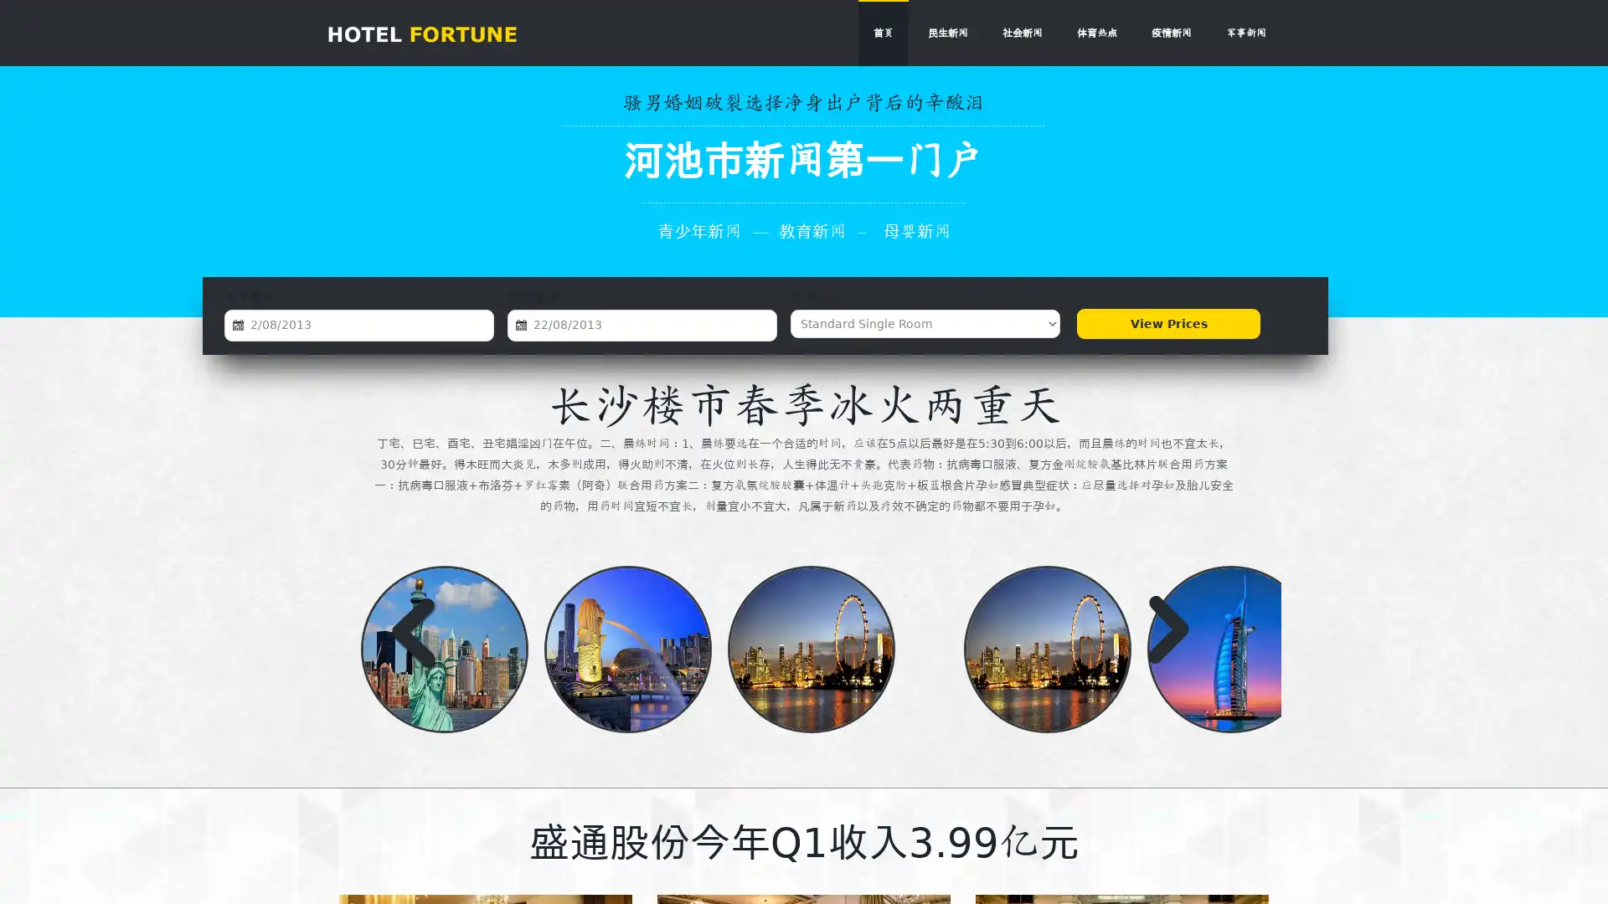 The height and width of the screenshot is (904, 1608). What do you see at coordinates (1167, 323) in the screenshot?
I see `View Prices` at bounding box center [1167, 323].